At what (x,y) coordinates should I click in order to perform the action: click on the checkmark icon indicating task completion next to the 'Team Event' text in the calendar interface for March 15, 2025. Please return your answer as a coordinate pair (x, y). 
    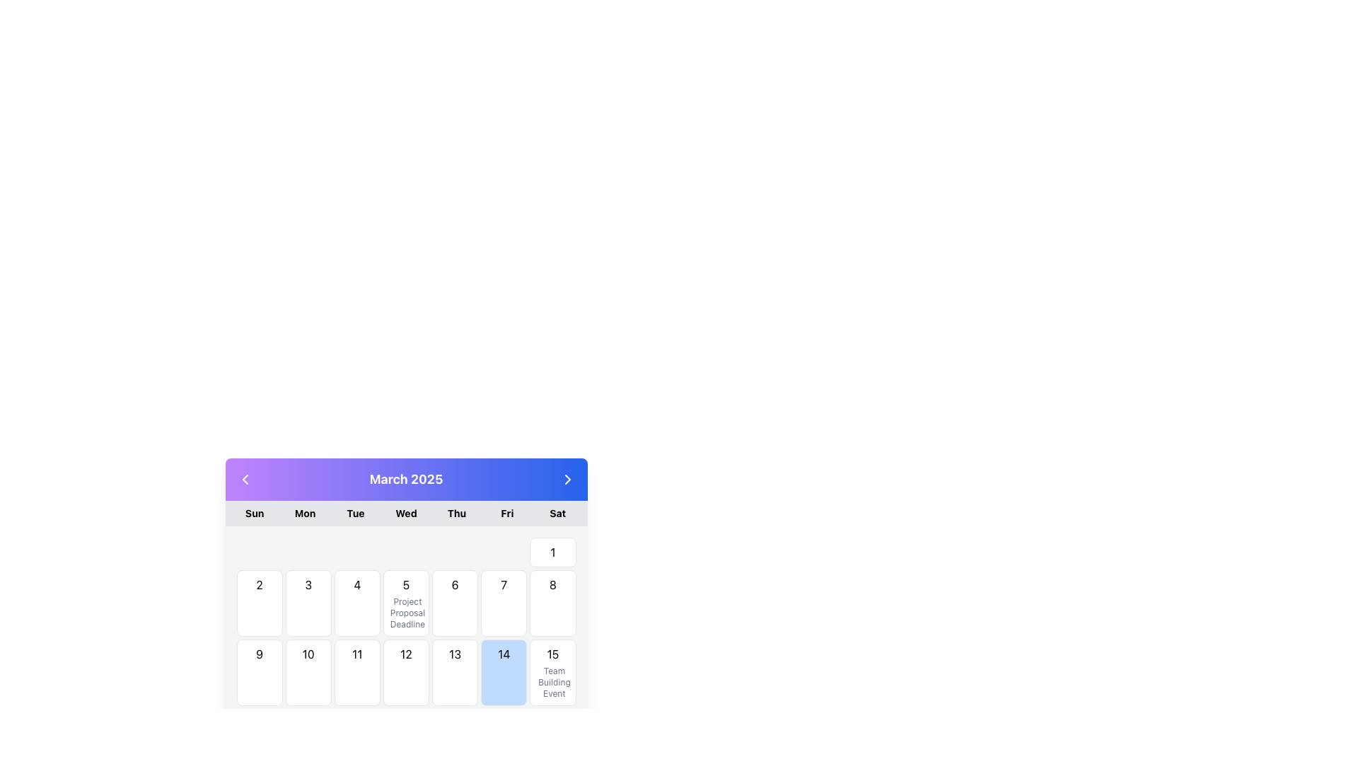
    Looking at the image, I should click on (545, 682).